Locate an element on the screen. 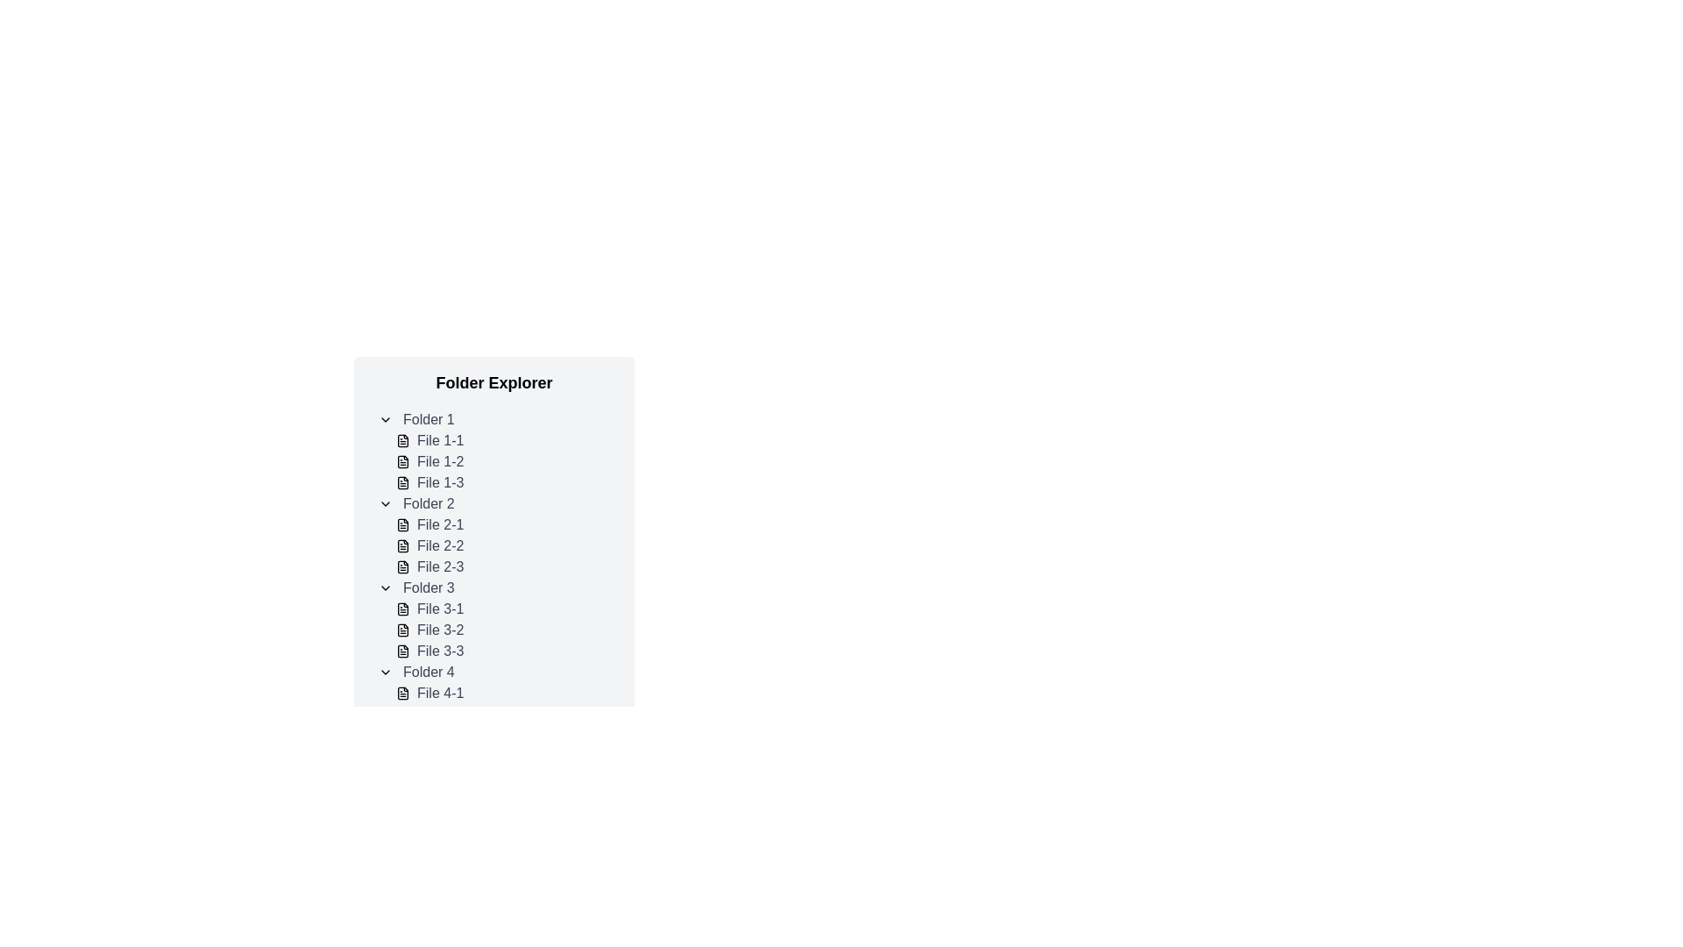  the second file item labeled 'File 3-2' in the file explorer is located at coordinates (508, 629).